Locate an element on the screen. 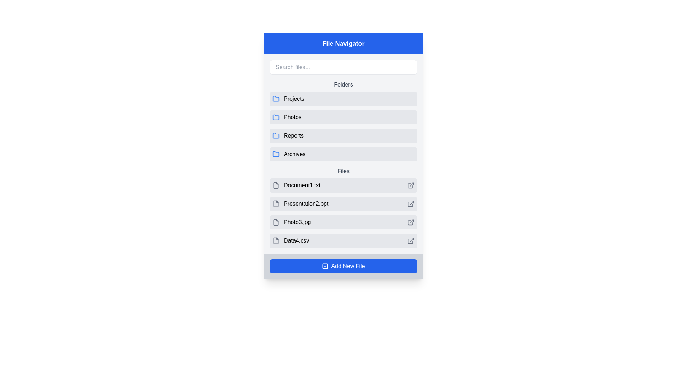 The width and height of the screenshot is (682, 383). the blue rectangular button labeled 'Add New File' with a plus icon is located at coordinates (343, 266).